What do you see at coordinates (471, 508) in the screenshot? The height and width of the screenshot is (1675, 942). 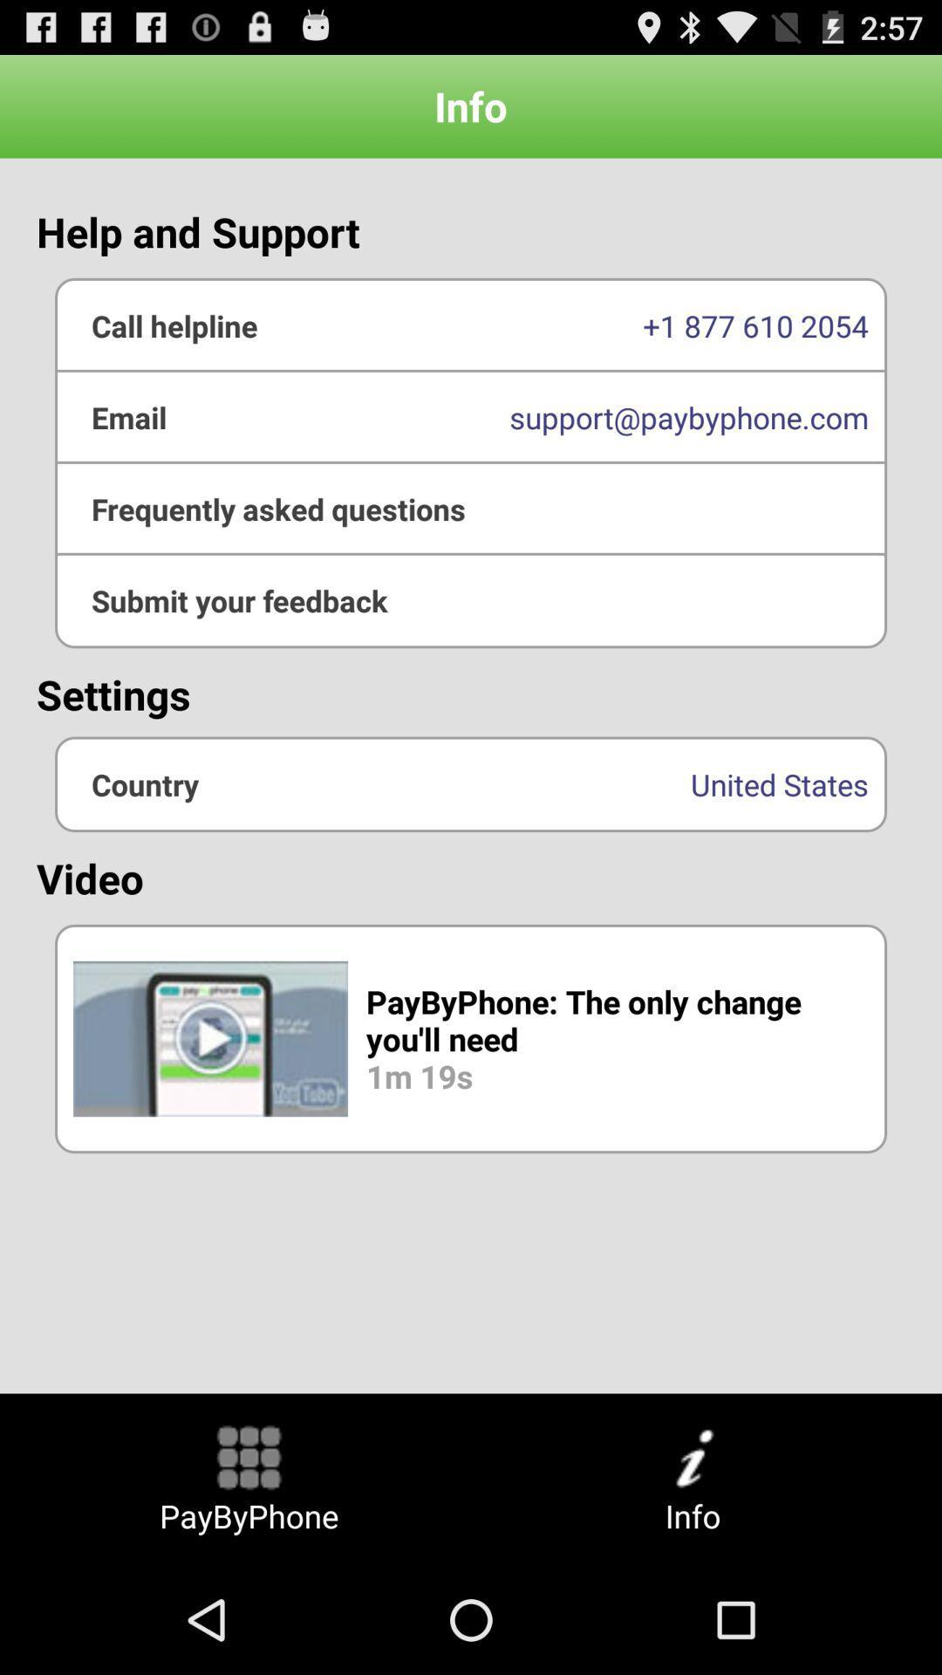 I see `frequently asked questions` at bounding box center [471, 508].